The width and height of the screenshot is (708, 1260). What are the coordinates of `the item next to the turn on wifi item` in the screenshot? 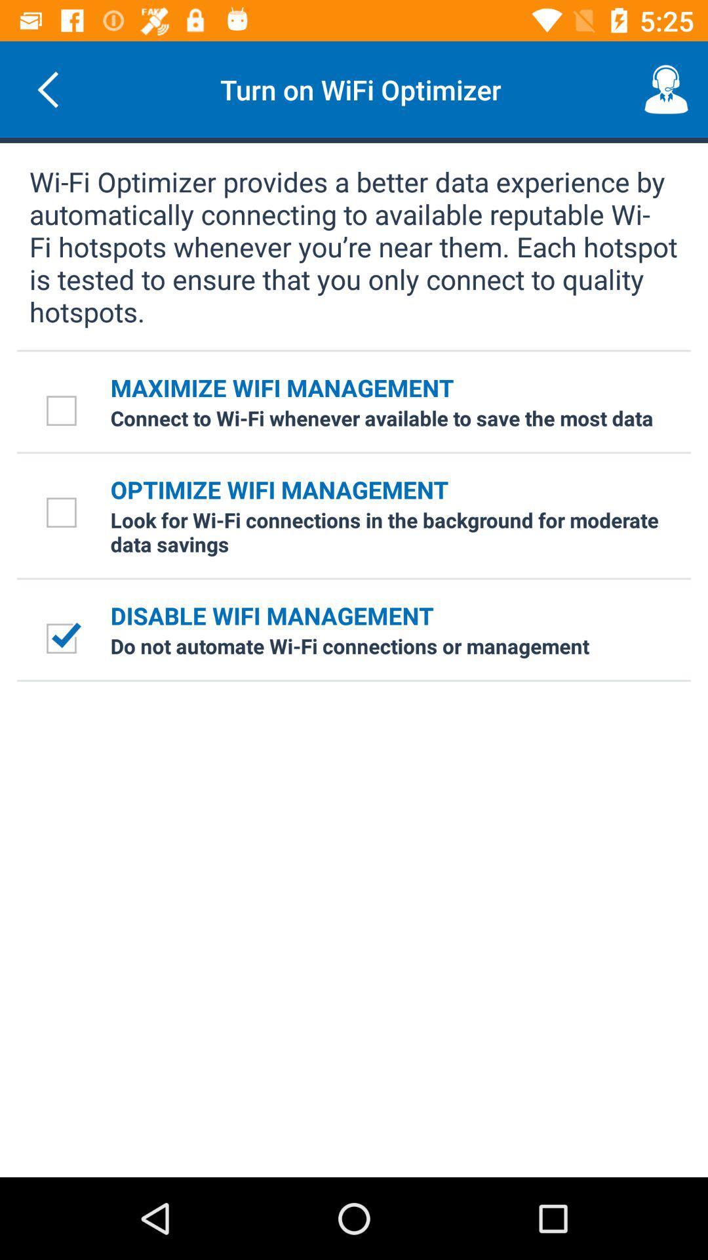 It's located at (667, 89).